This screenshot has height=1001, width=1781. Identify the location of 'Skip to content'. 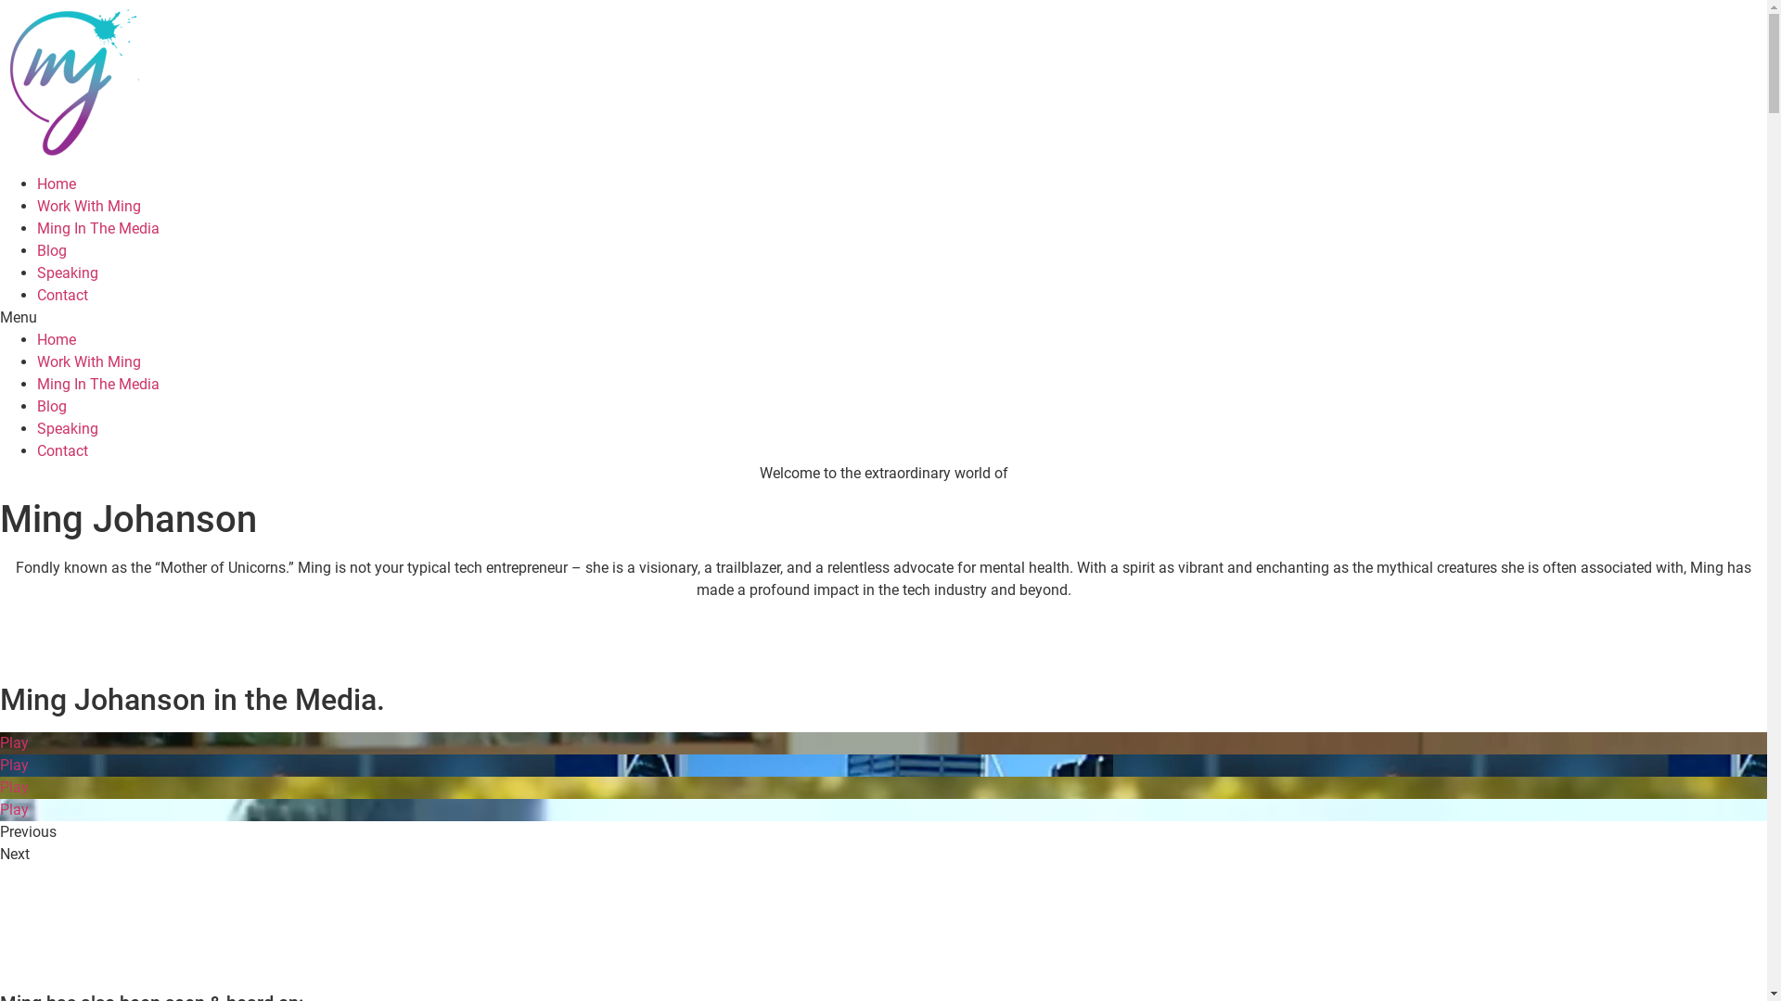
(0, 0).